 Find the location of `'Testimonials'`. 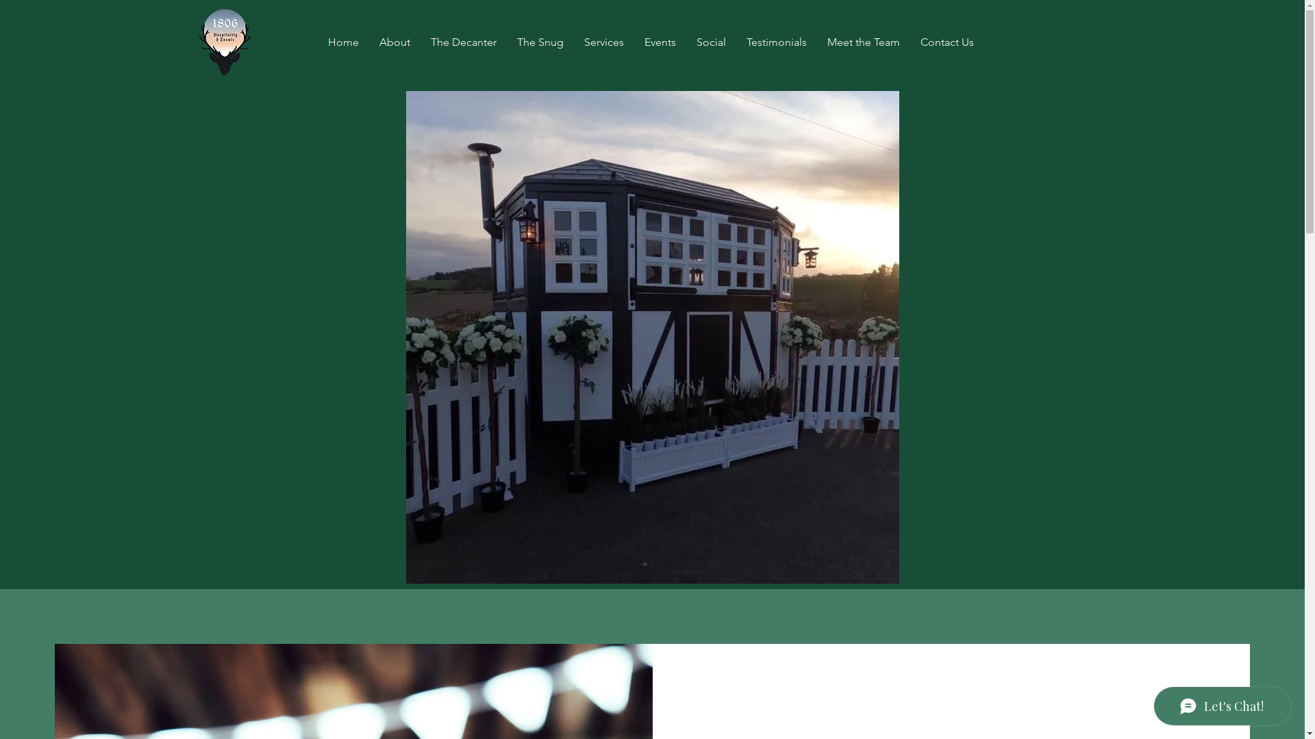

'Testimonials' is located at coordinates (775, 41).